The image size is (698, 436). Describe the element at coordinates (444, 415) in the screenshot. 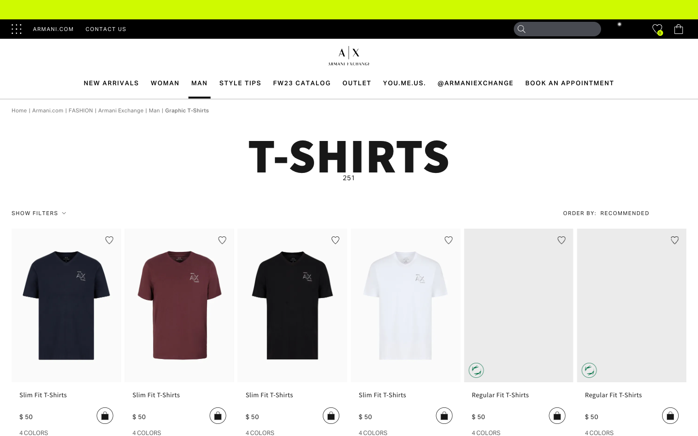

I see `the 4th product for purchase by clicking on the cart button` at that location.